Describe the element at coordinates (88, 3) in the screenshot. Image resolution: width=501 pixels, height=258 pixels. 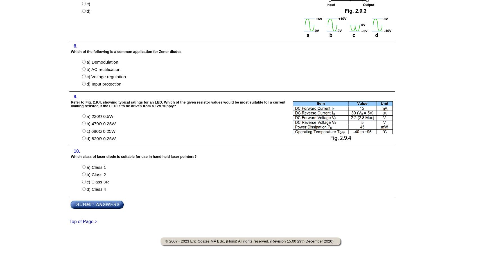
I see `'c)'` at that location.